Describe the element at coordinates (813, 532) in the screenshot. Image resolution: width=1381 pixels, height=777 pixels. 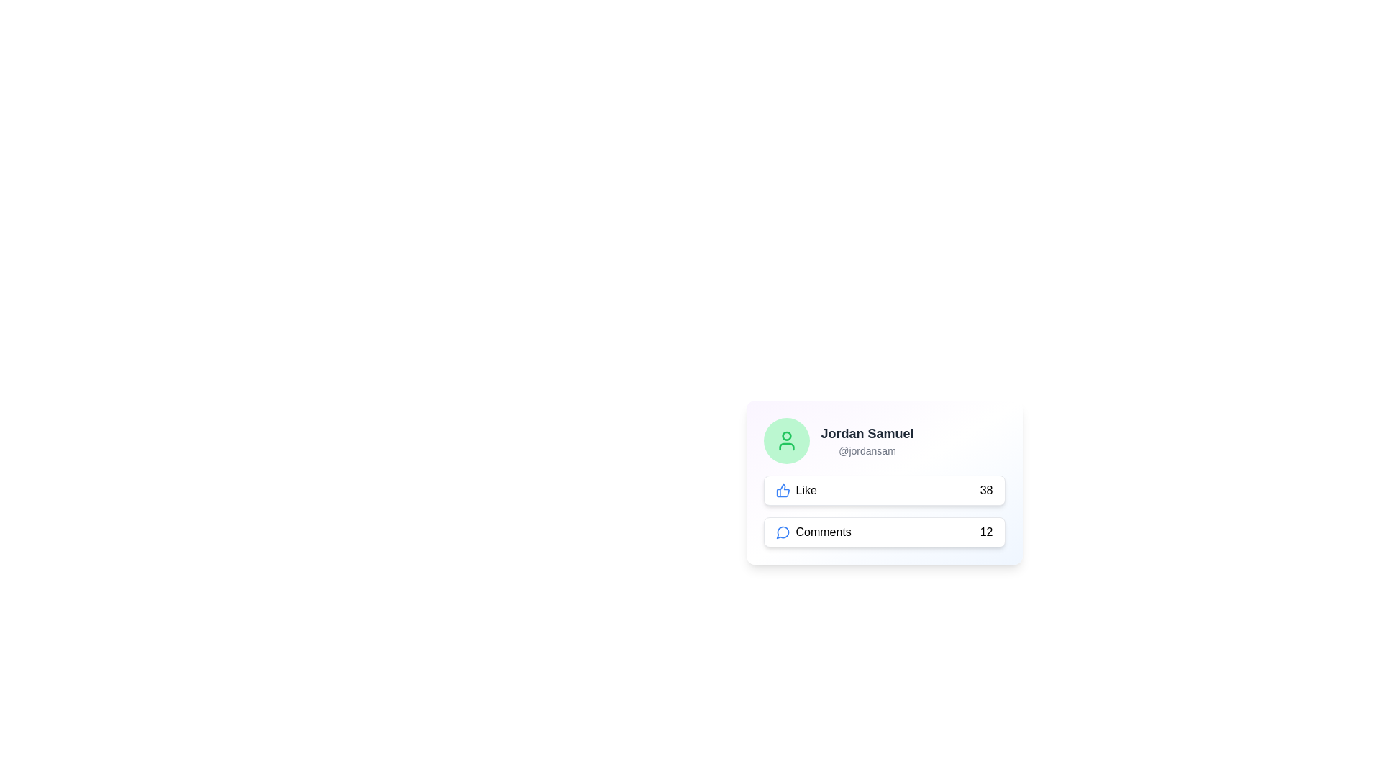
I see `the Text Label with Icon that indicates the presence of a commenting feature, located below the 'Like' button and to the left of the numerical indicator showing the number of comments` at that location.